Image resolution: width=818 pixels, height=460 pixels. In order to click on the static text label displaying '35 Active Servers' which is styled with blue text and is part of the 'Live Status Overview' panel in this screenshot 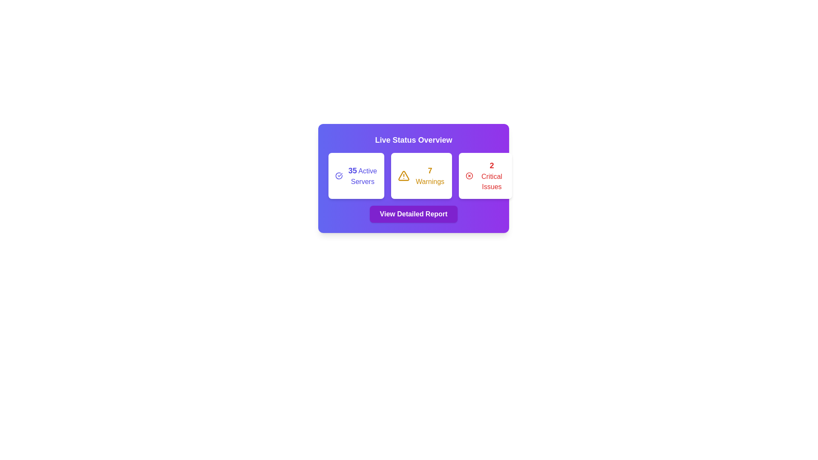, I will do `click(363, 175)`.